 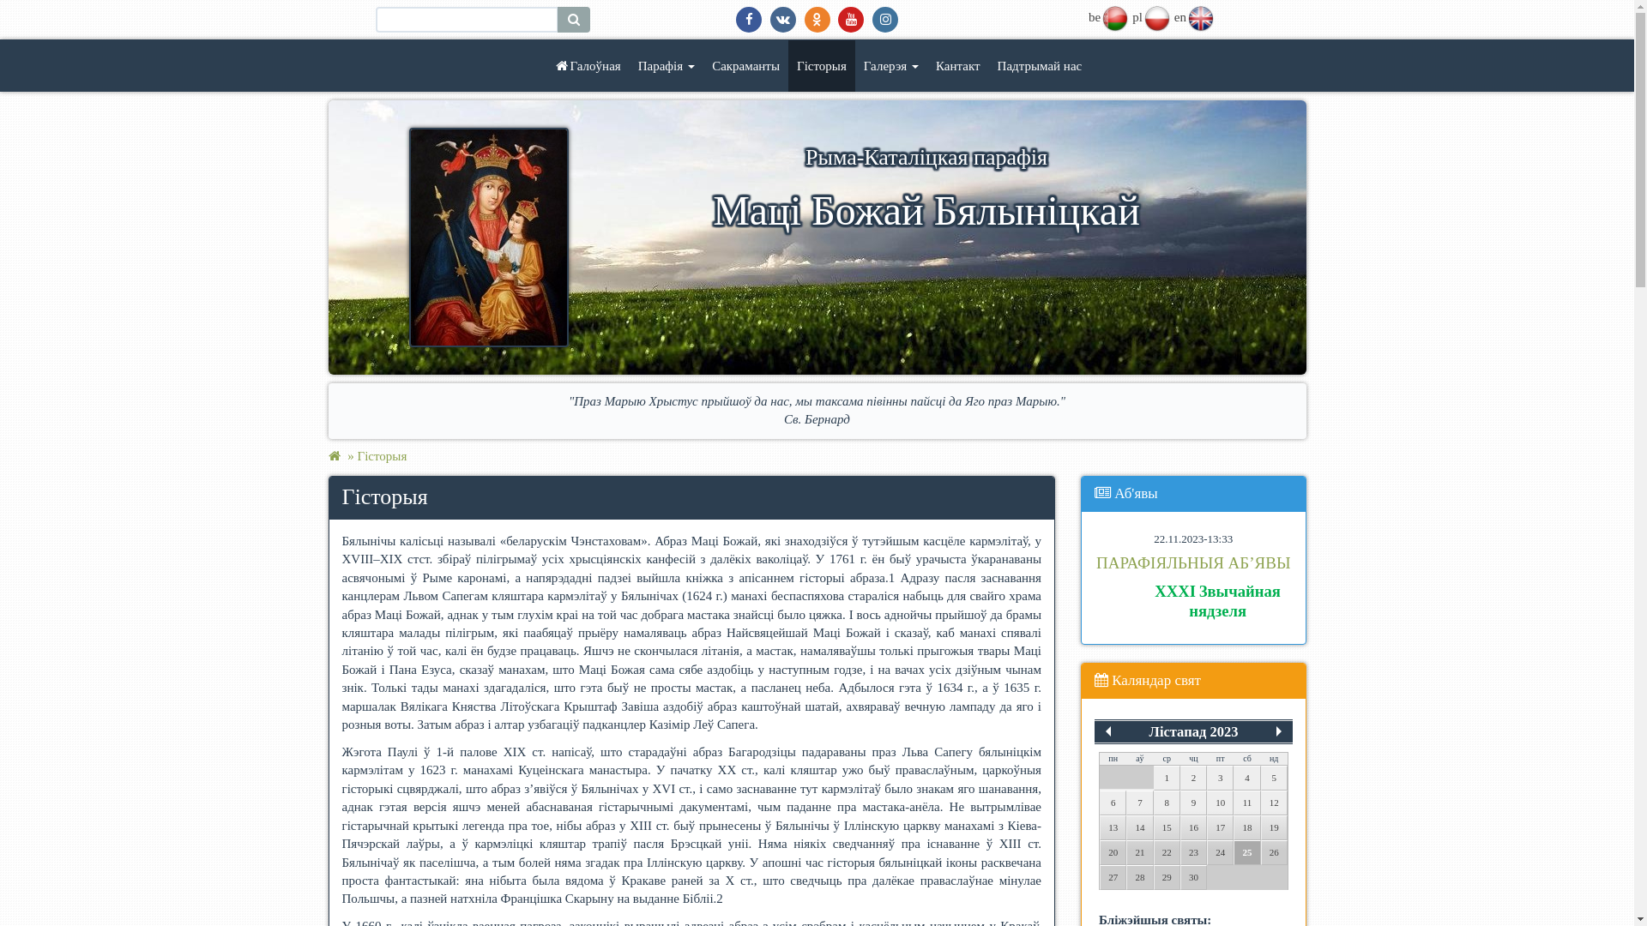 I want to click on '6', so click(x=1113, y=803).